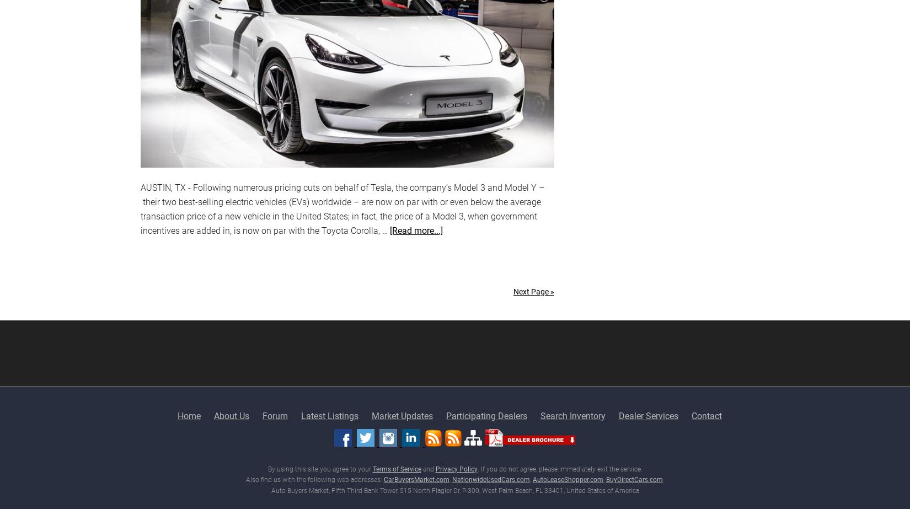 The image size is (910, 509). I want to click on 'Forum', so click(274, 415).